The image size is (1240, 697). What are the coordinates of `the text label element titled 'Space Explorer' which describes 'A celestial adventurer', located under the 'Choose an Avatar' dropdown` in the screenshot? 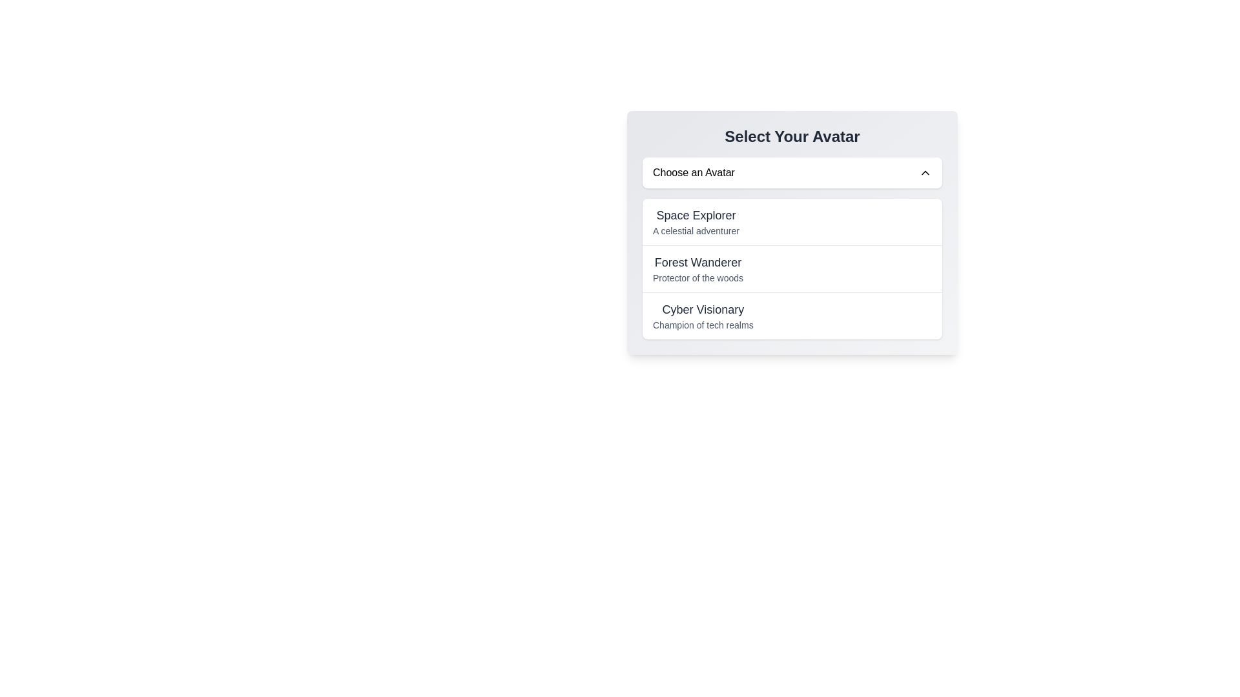 It's located at (695, 221).